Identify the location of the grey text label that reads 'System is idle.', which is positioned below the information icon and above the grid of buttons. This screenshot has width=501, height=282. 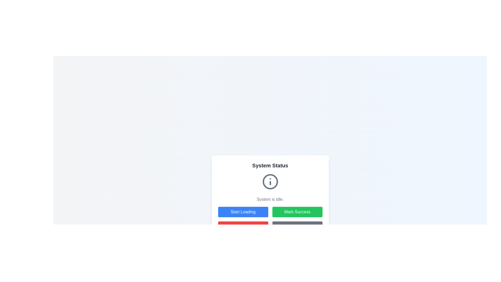
(270, 197).